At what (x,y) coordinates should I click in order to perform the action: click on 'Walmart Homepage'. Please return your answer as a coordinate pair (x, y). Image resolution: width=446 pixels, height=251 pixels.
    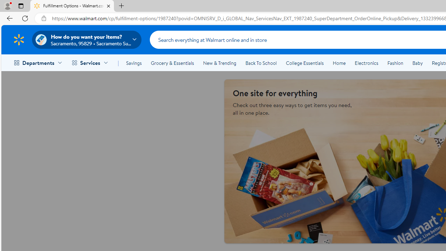
    Looking at the image, I should click on (18, 39).